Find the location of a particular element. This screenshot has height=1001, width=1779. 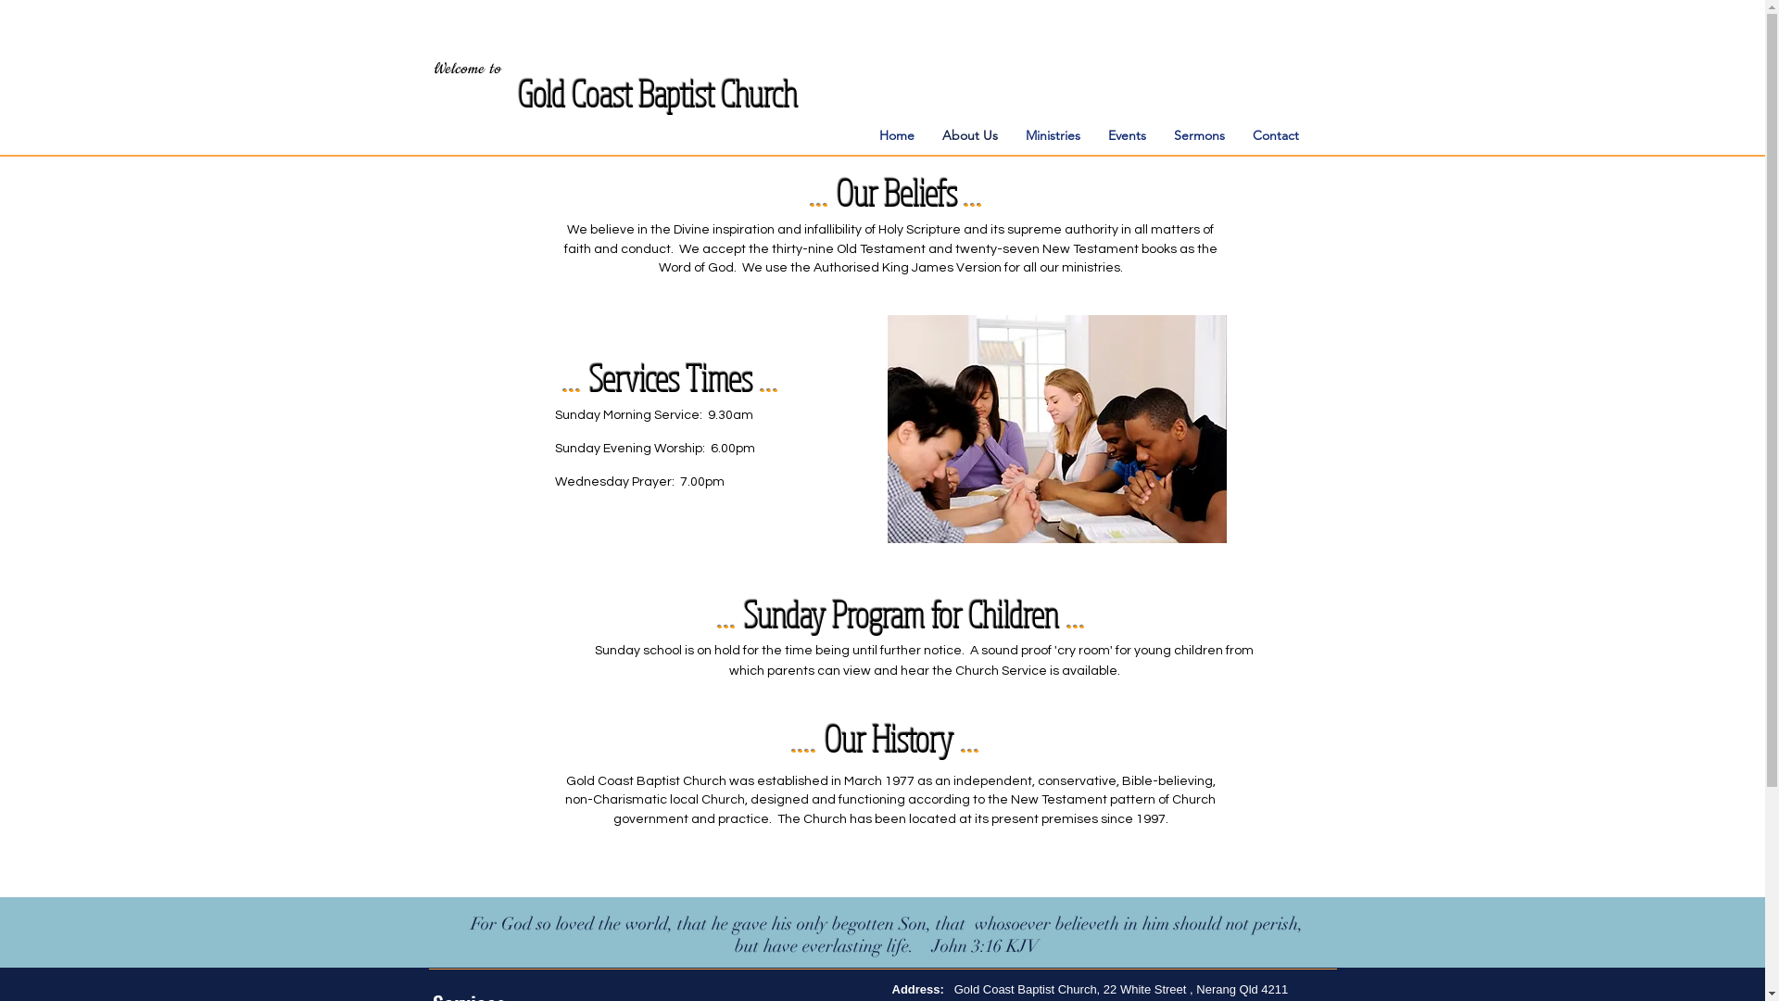

'Ministries' is located at coordinates (1010, 134).